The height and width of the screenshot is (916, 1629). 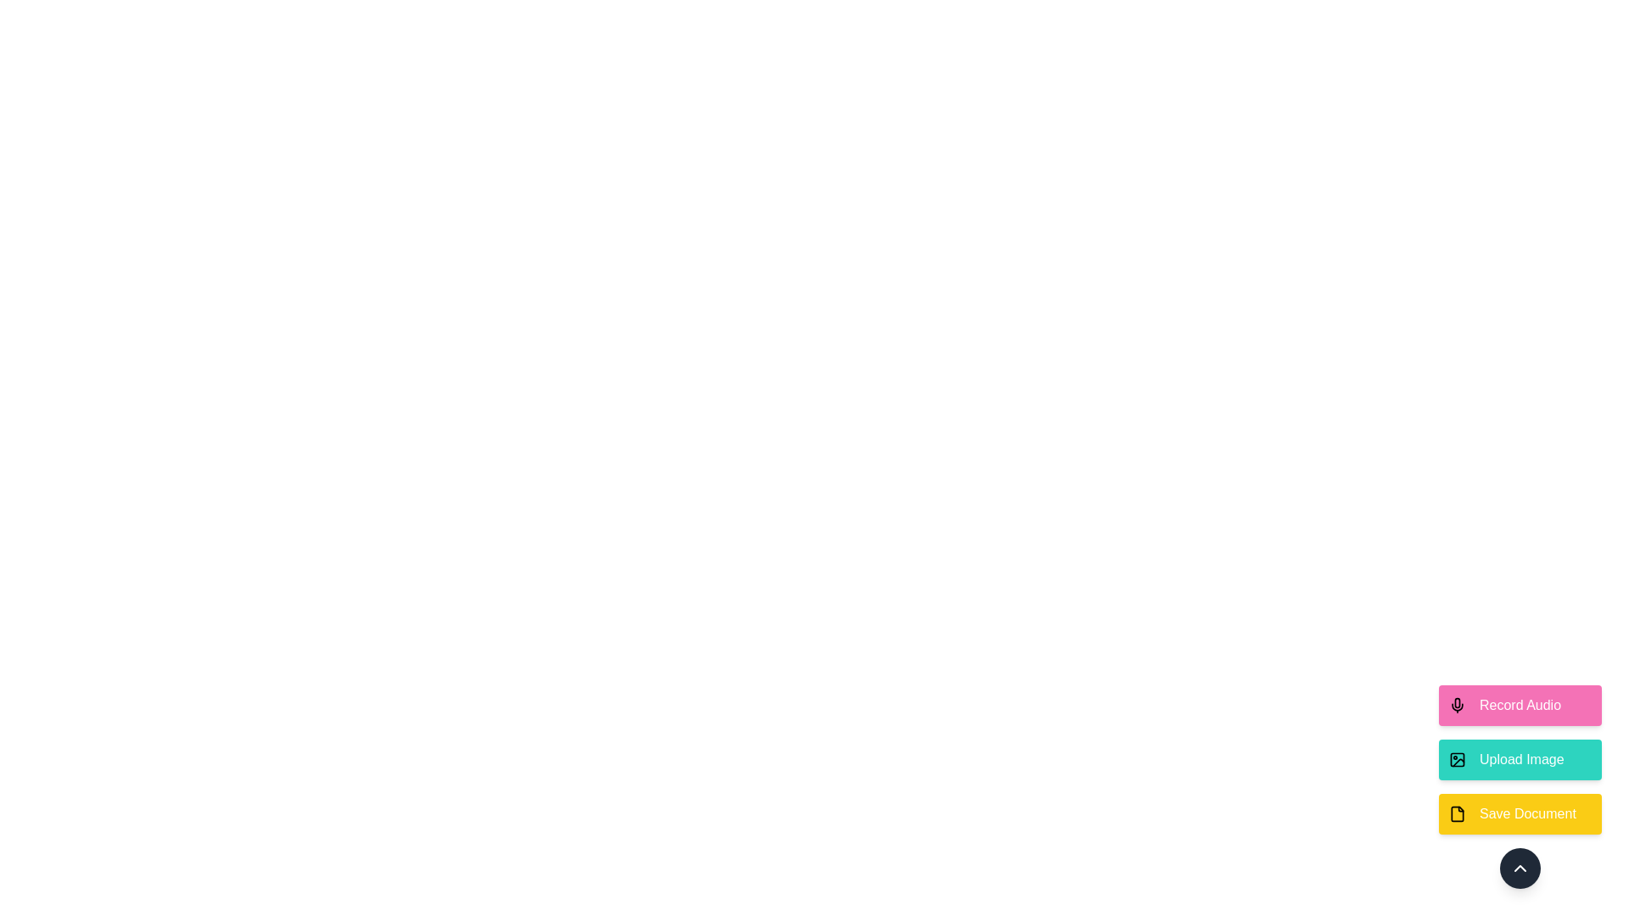 What do you see at coordinates (1520, 868) in the screenshot?
I see `the floating action button to toggle the visibility of the menu` at bounding box center [1520, 868].